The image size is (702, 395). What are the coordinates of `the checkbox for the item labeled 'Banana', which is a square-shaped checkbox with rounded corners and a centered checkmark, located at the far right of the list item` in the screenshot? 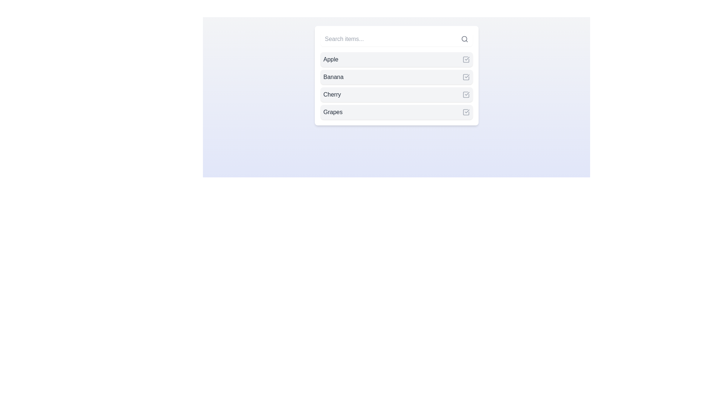 It's located at (465, 77).